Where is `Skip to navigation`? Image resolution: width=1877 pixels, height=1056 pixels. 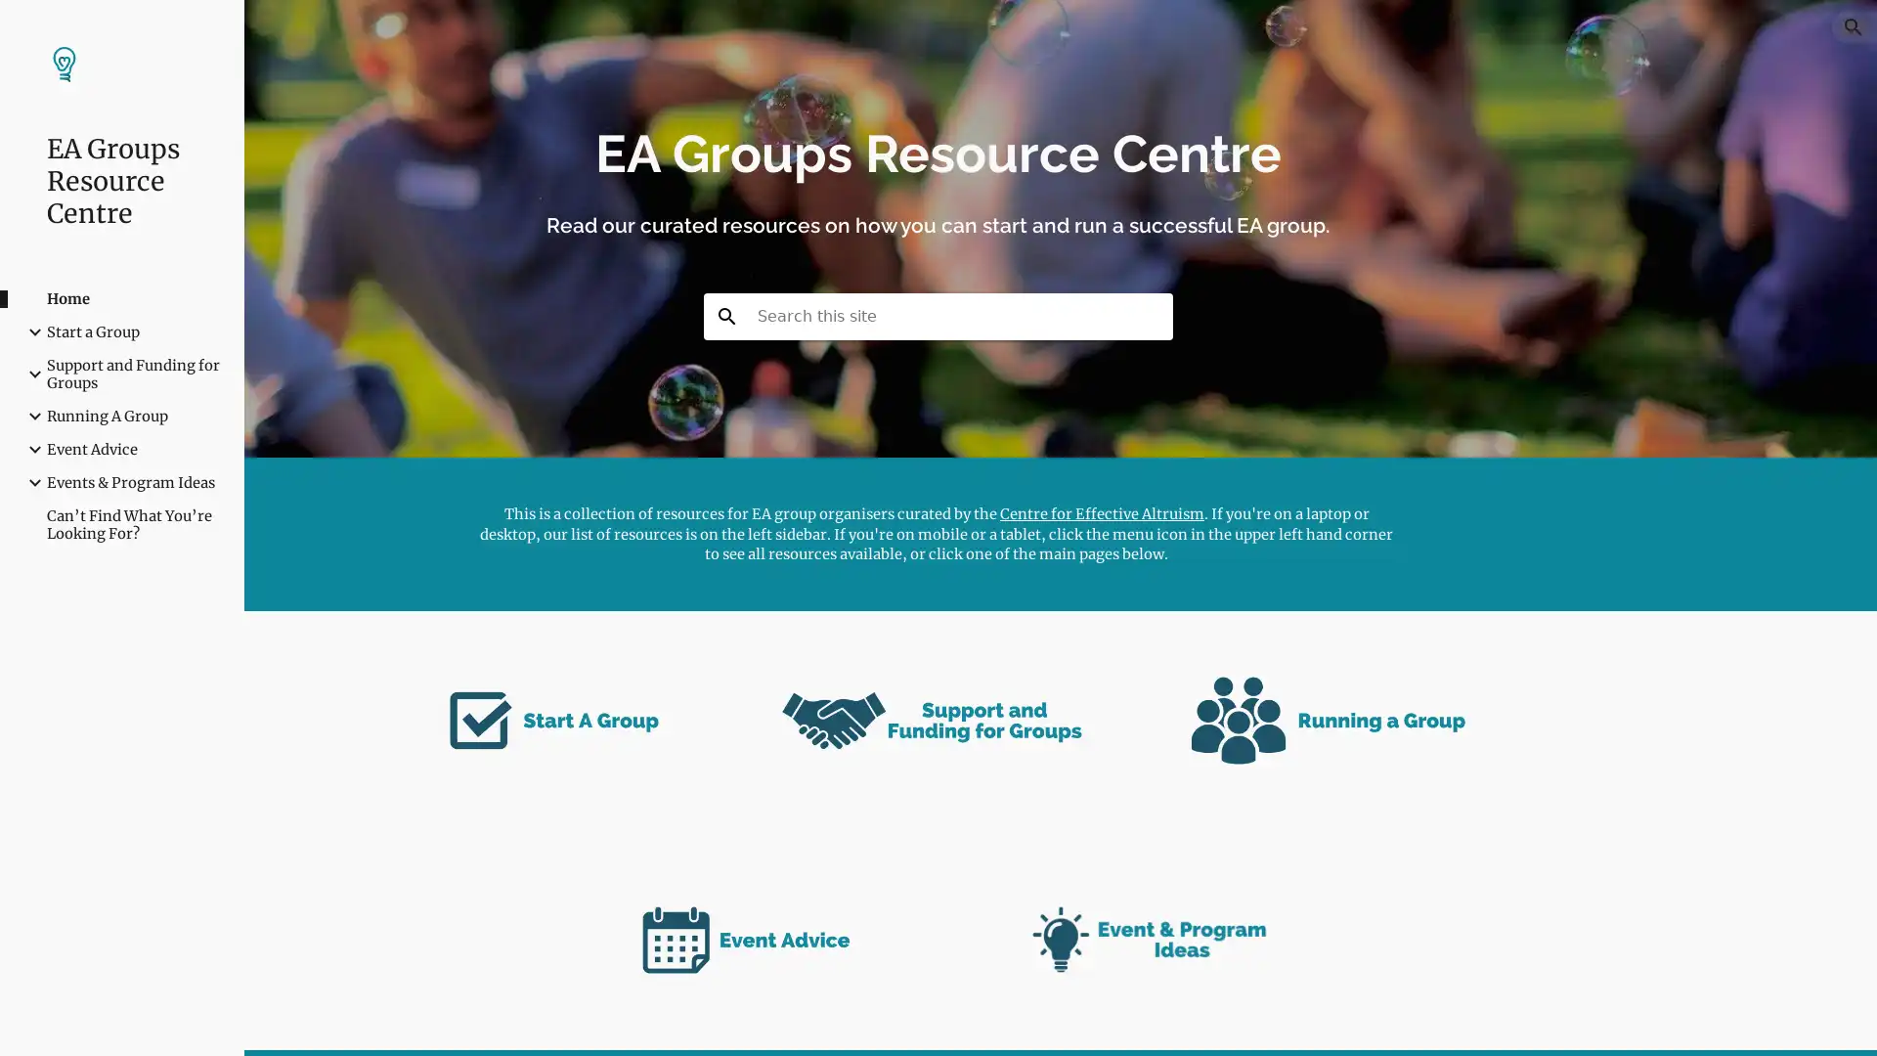
Skip to navigation is located at coordinates (1113, 36).